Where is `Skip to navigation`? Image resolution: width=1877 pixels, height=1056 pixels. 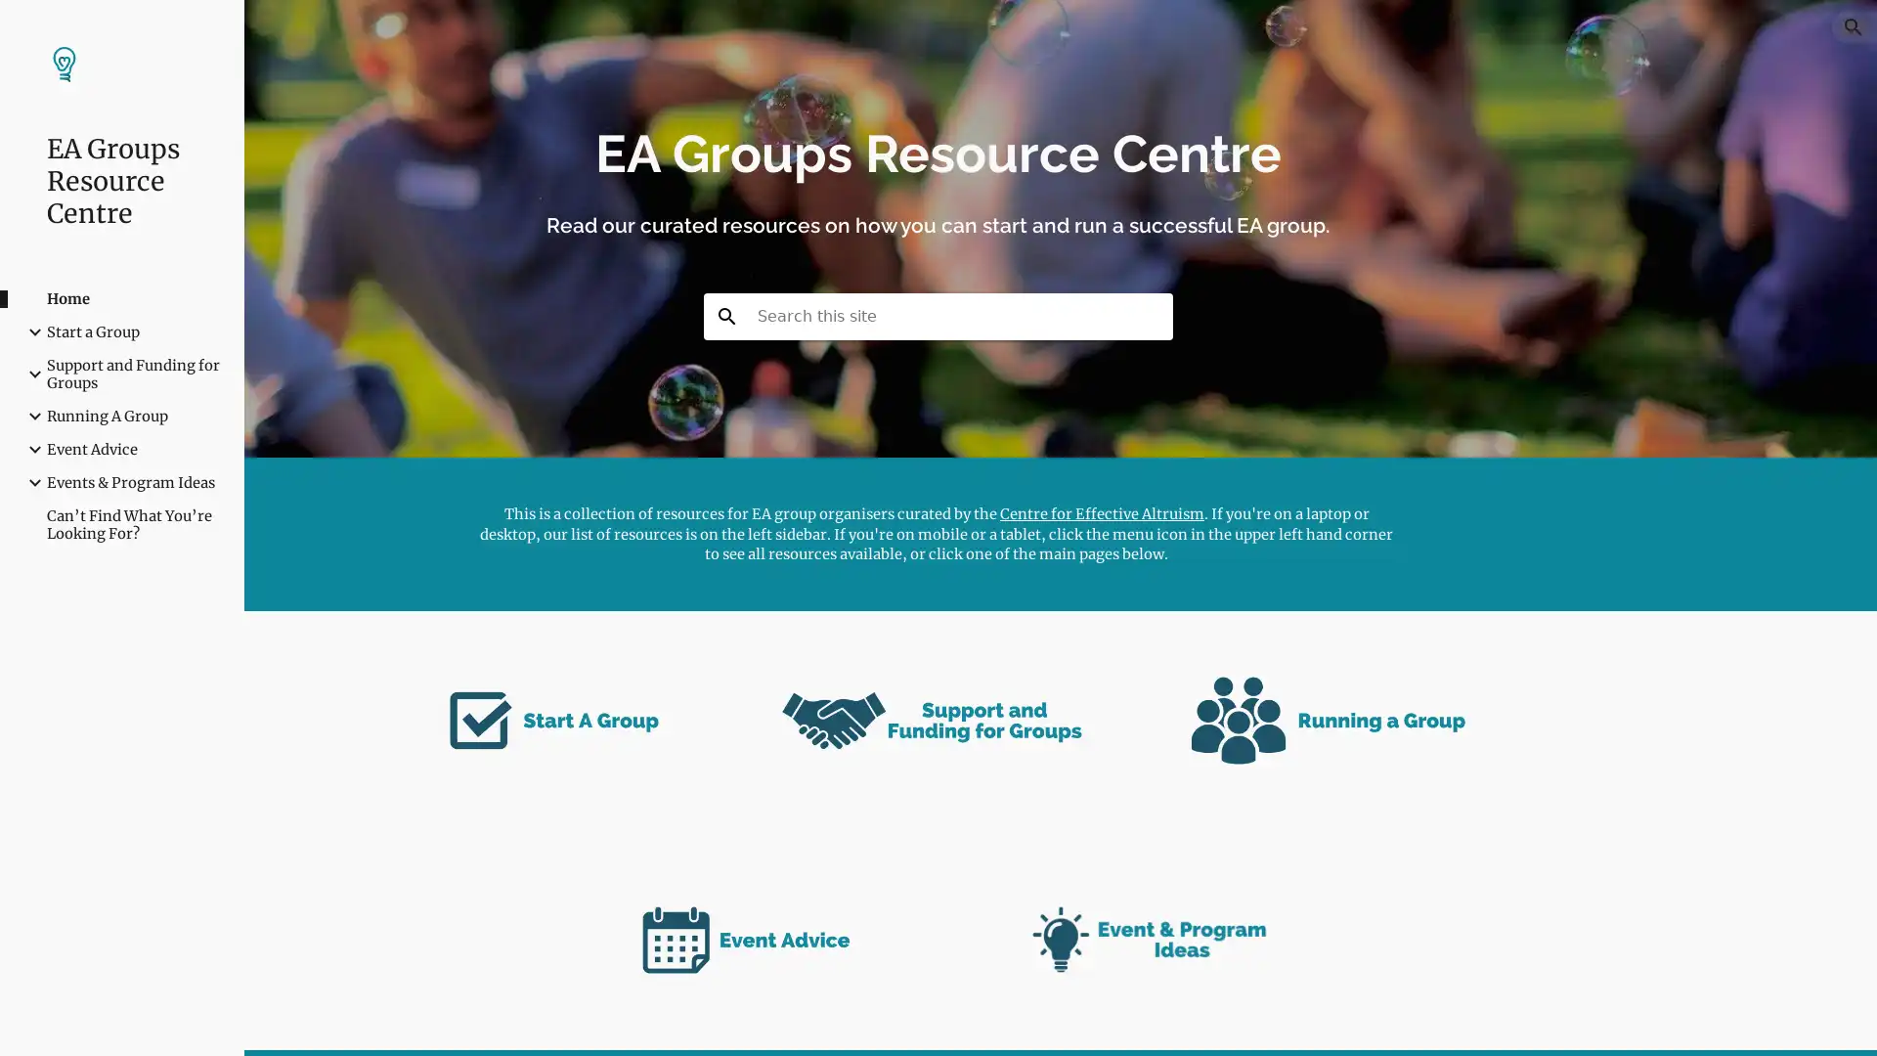
Skip to navigation is located at coordinates (1113, 36).